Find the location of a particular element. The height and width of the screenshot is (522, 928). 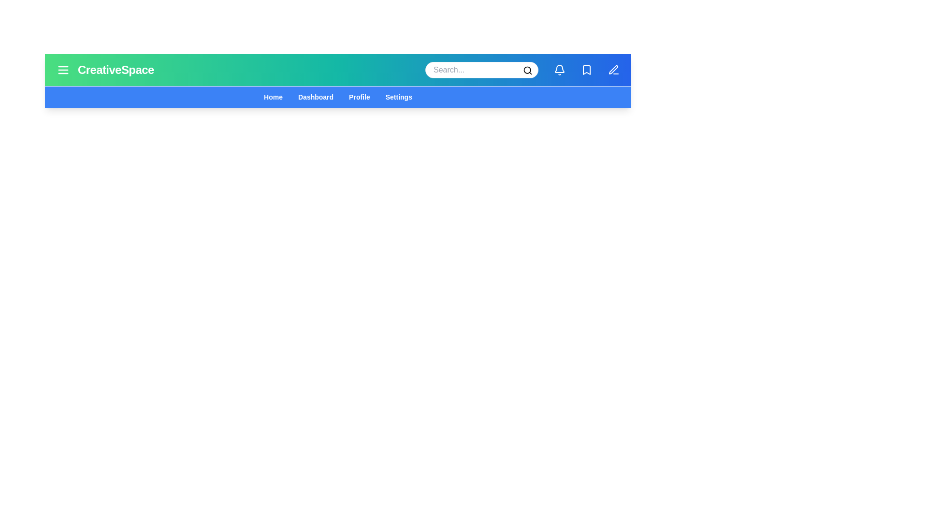

the navigation menu item Dashboard is located at coordinates (316, 97).